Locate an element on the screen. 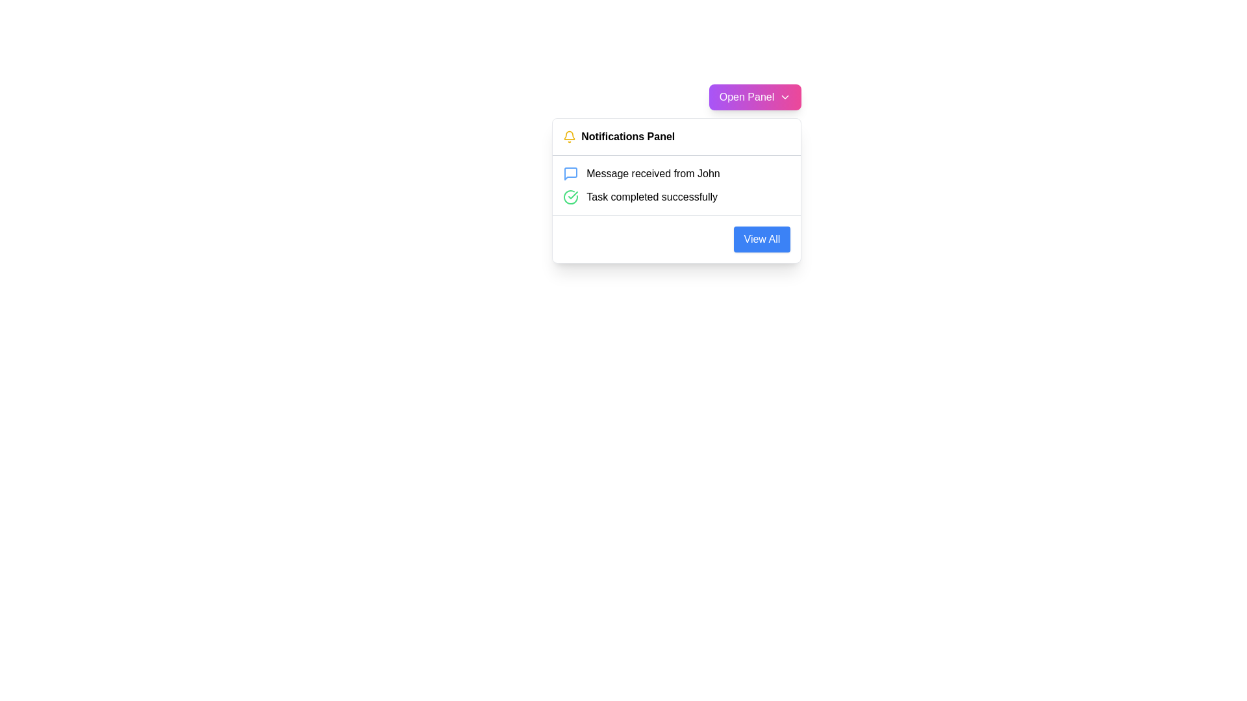 This screenshot has width=1247, height=701. the outer boundary of the green circular icon with a checkmark located next to the text 'Task completed successfully' in the notification panel is located at coordinates (571, 197).